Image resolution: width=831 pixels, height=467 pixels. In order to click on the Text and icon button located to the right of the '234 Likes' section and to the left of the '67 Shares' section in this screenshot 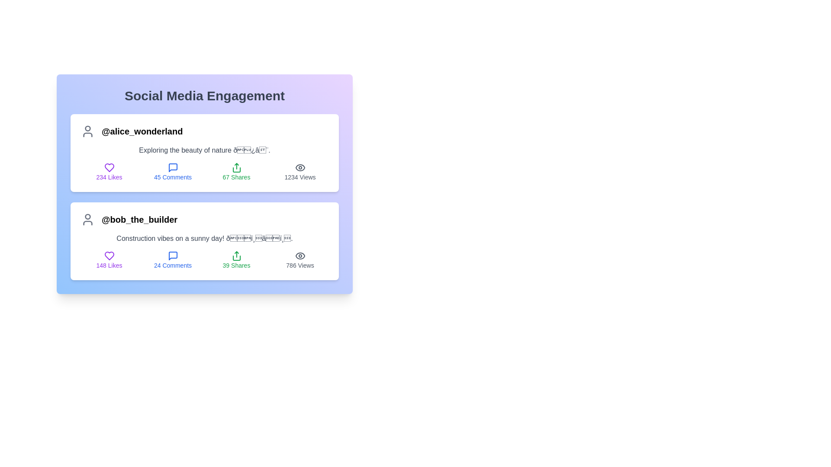, I will do `click(173, 172)`.